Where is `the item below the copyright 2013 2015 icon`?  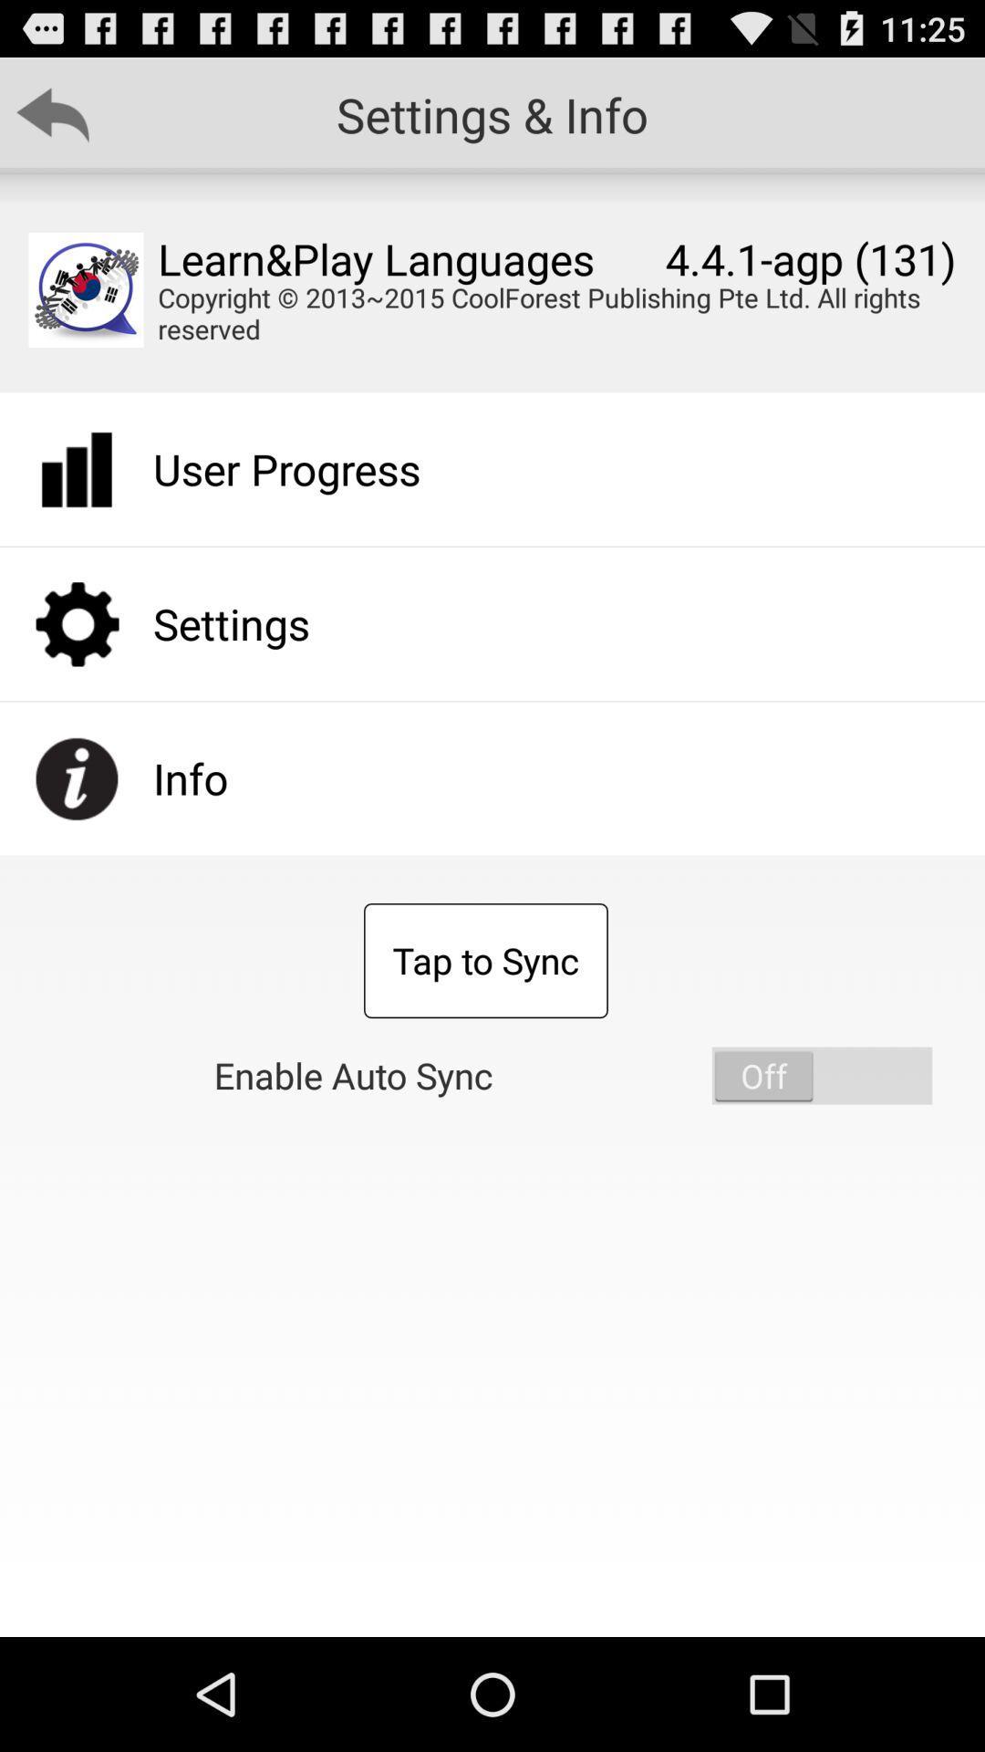 the item below the copyright 2013 2015 icon is located at coordinates (822, 1076).